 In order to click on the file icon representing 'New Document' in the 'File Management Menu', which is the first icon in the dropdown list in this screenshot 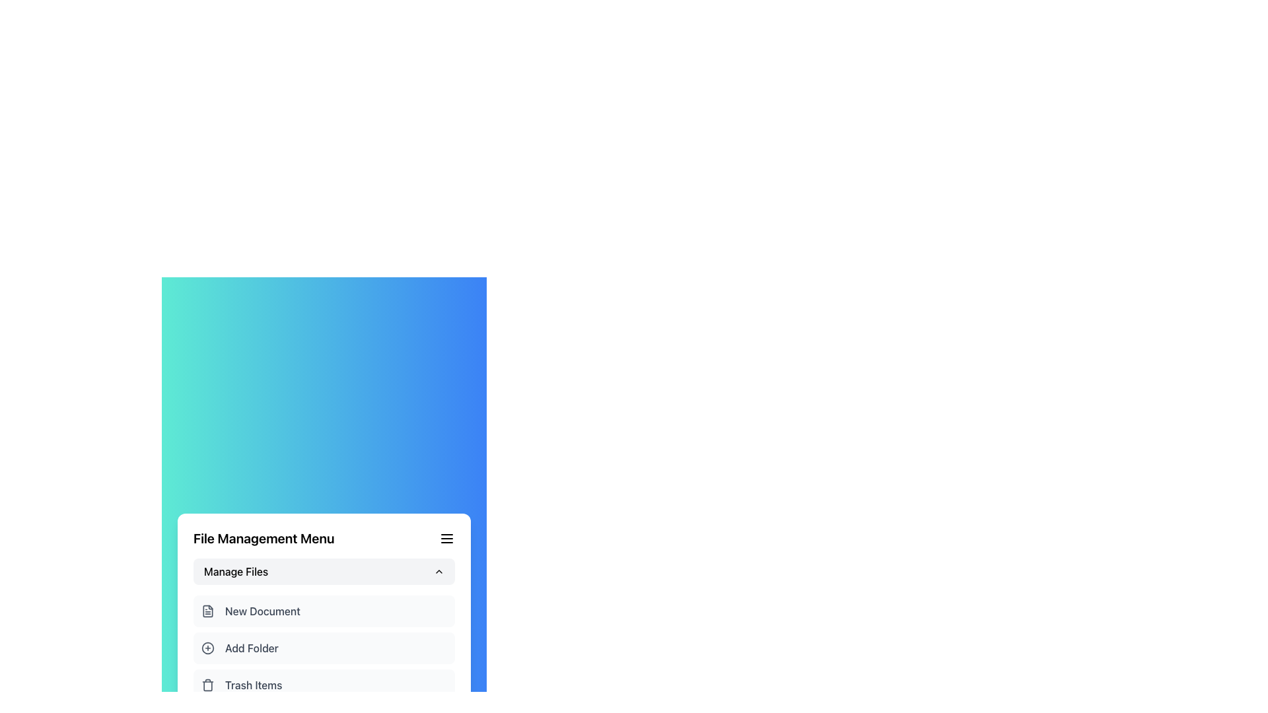, I will do `click(207, 611)`.